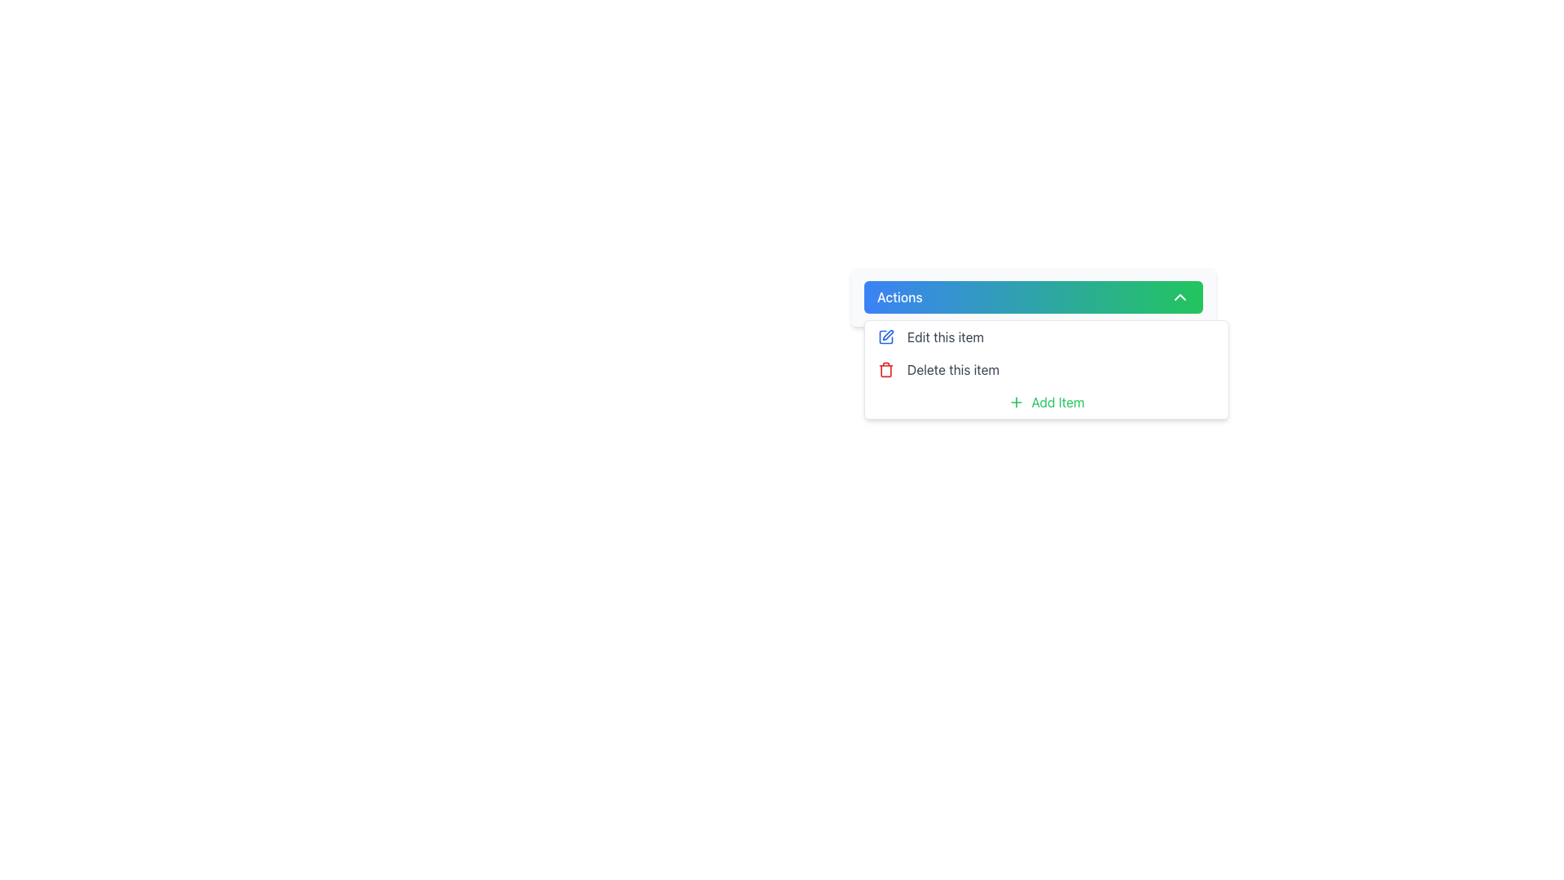 The height and width of the screenshot is (880, 1564). What do you see at coordinates (953, 370) in the screenshot?
I see `the 'Delete this item' text label located directly below the 'Edit this item' text in the vertical dropdown menu to initiate the deletion action` at bounding box center [953, 370].